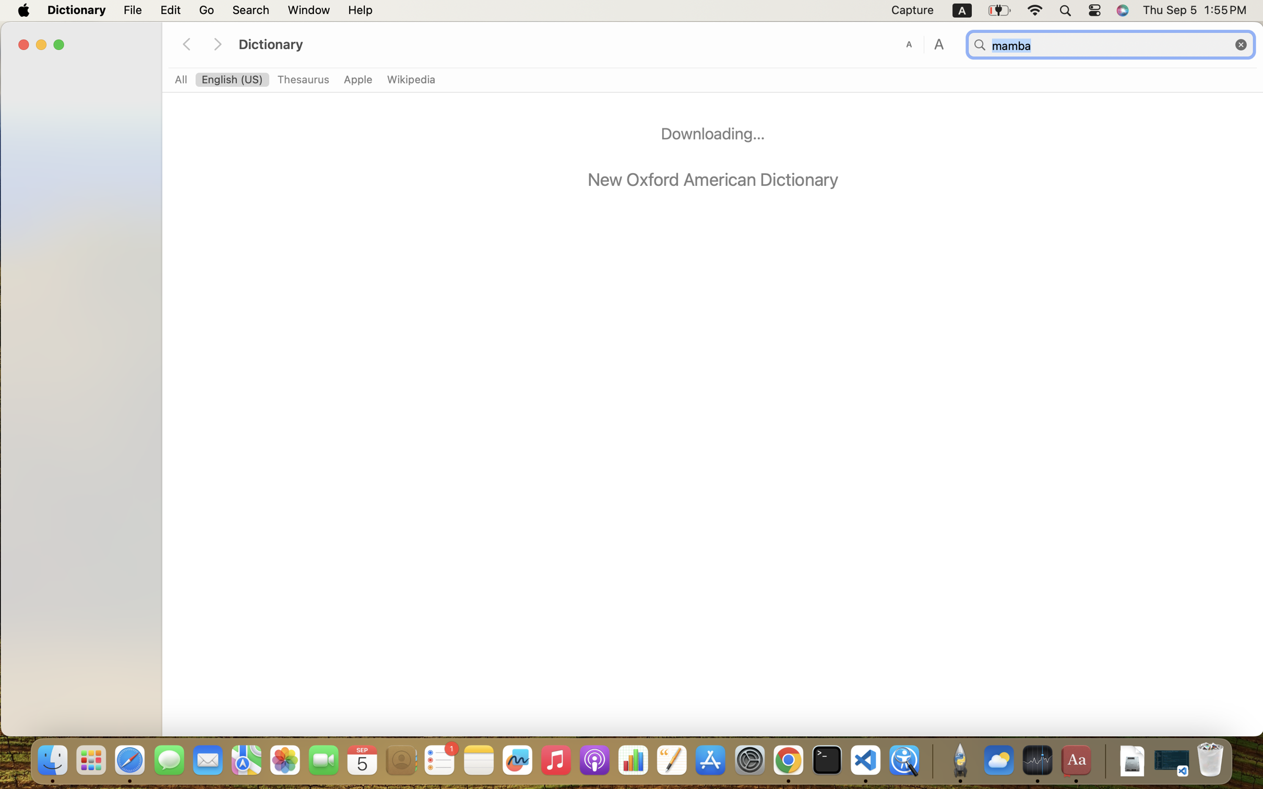 This screenshot has height=789, width=1263. Describe the element at coordinates (712, 133) in the screenshot. I see `'Downloading…'` at that location.